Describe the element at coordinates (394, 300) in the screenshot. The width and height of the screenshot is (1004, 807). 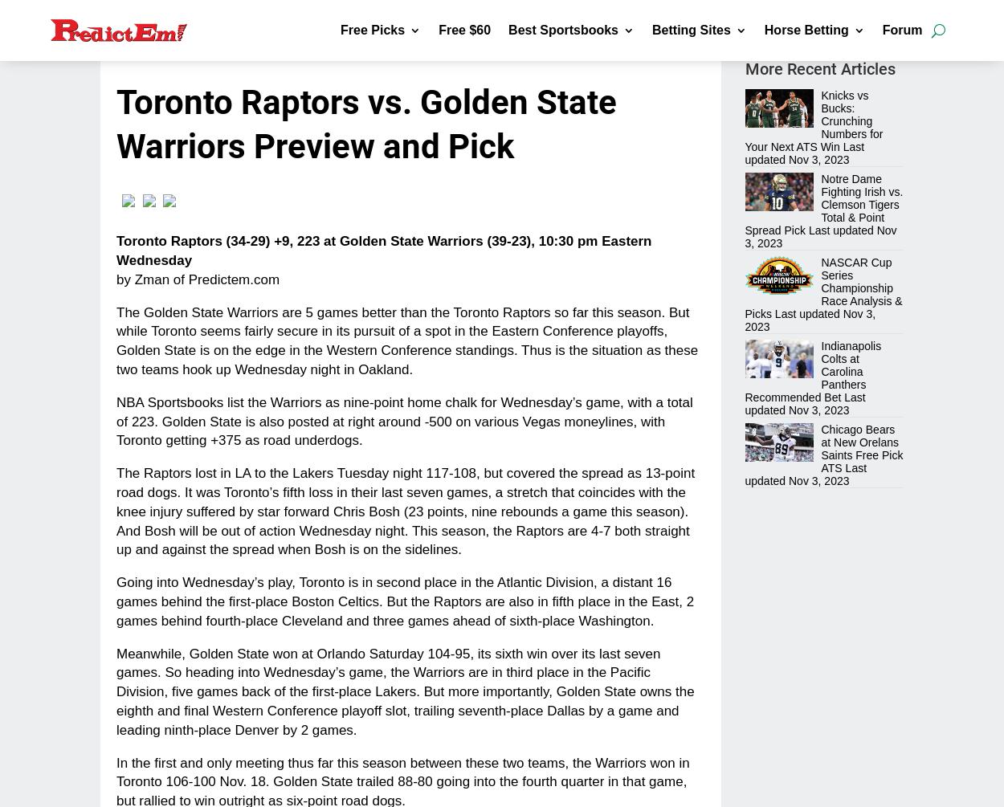
I see `'UFC Picks'` at that location.